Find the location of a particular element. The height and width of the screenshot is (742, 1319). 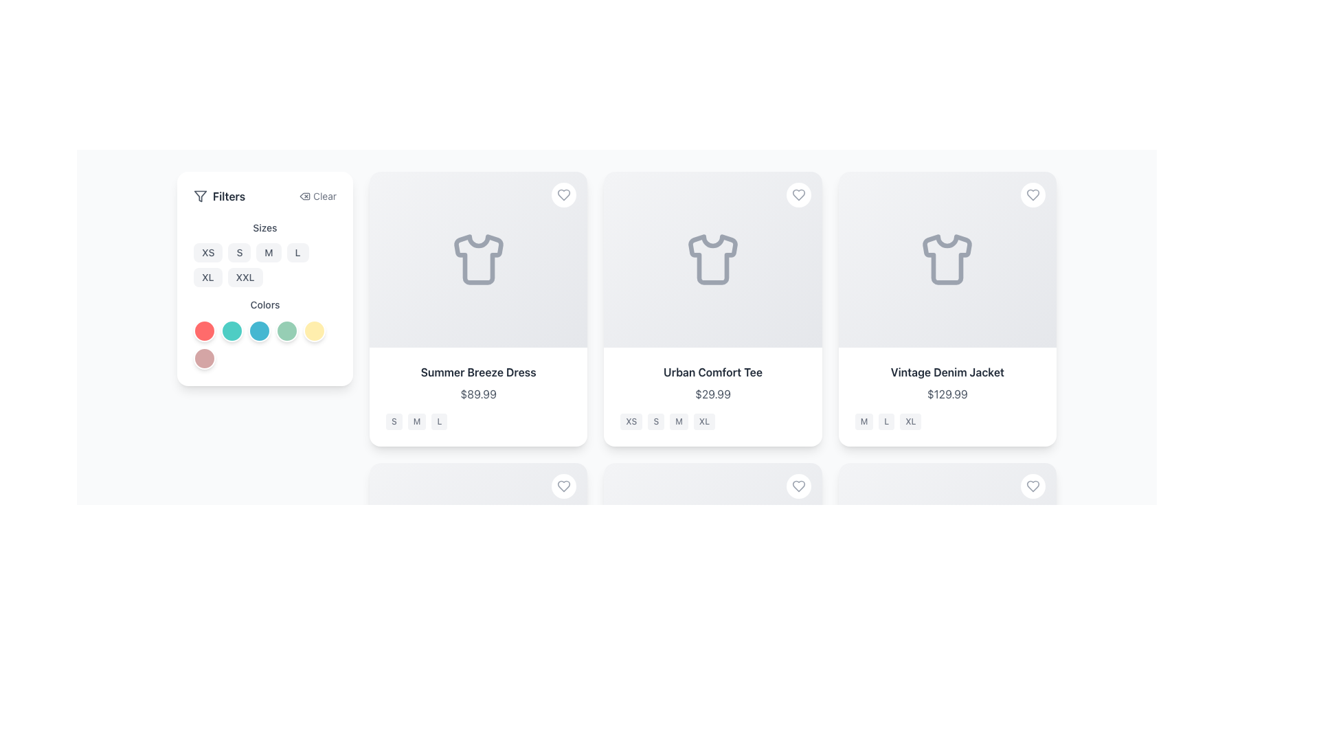

the left side of the trashcan's body in the delete icon located in the top-right section of the filter panel is located at coordinates (304, 196).